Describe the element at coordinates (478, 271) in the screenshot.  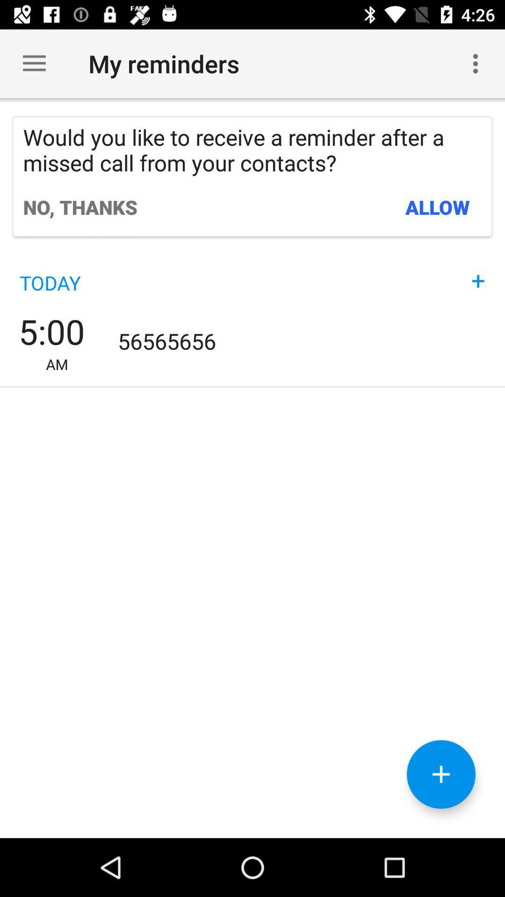
I see `+` at that location.